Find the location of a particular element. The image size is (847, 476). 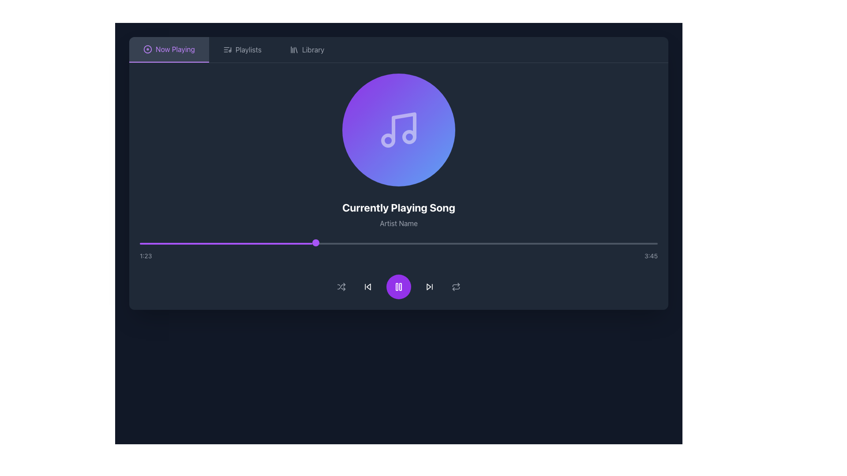

the 'Playlists' text label in the navigation header is located at coordinates (248, 49).